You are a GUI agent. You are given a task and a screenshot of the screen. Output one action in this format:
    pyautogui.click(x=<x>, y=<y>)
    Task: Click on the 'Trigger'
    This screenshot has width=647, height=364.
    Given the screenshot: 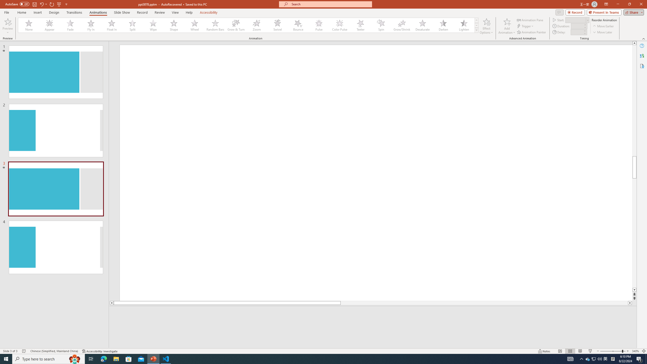 What is the action you would take?
    pyautogui.click(x=525, y=26)
    